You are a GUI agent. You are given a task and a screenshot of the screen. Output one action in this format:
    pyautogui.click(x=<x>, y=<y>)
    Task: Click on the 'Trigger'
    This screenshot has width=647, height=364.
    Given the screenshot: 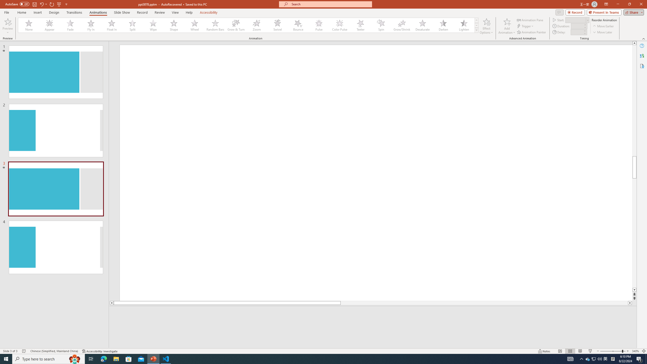 What is the action you would take?
    pyautogui.click(x=525, y=26)
    